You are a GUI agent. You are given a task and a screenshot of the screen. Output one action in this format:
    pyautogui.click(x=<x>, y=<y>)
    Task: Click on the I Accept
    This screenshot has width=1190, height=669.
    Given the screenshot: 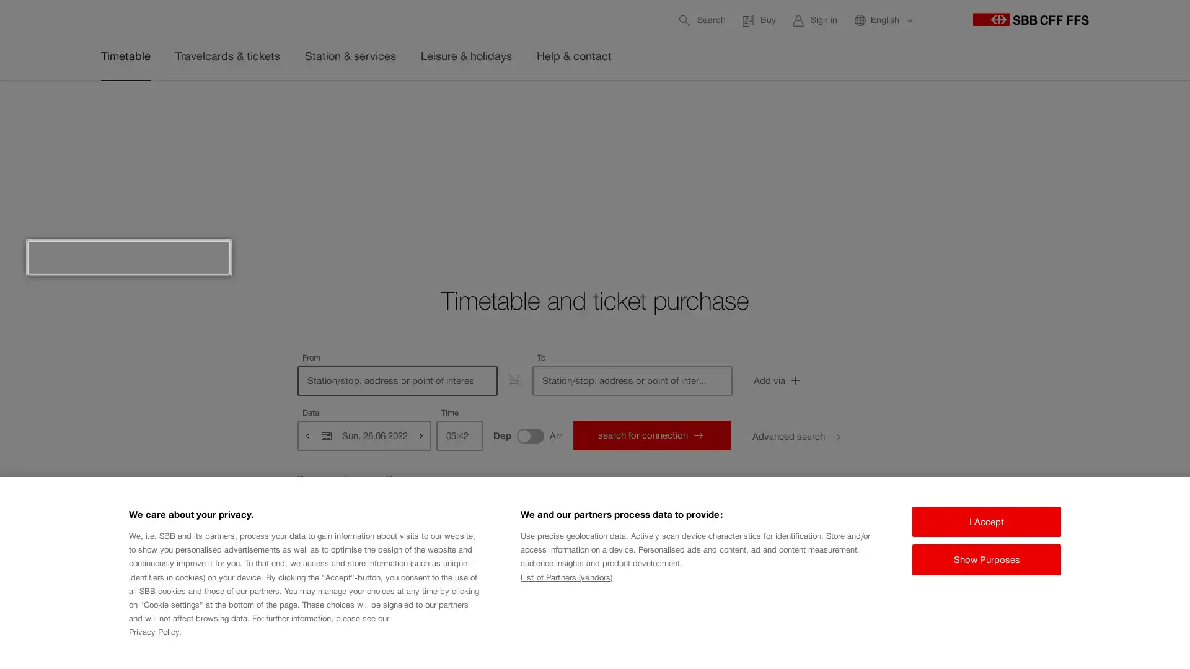 What is the action you would take?
    pyautogui.click(x=986, y=521)
    